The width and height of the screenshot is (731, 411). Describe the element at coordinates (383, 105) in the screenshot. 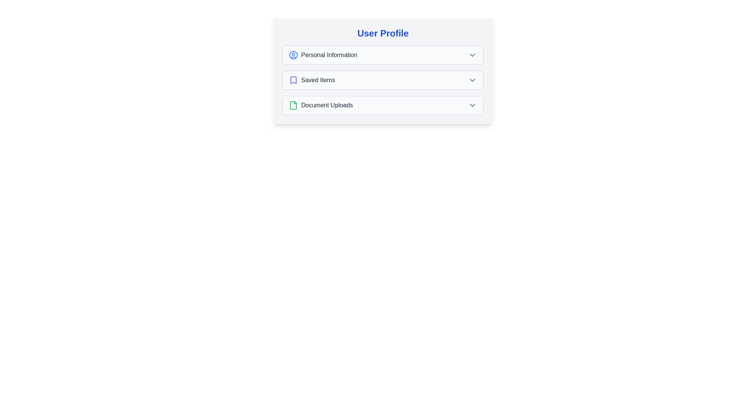

I see `the center of the collapsible menu item labeled 'Document Uploads'` at that location.